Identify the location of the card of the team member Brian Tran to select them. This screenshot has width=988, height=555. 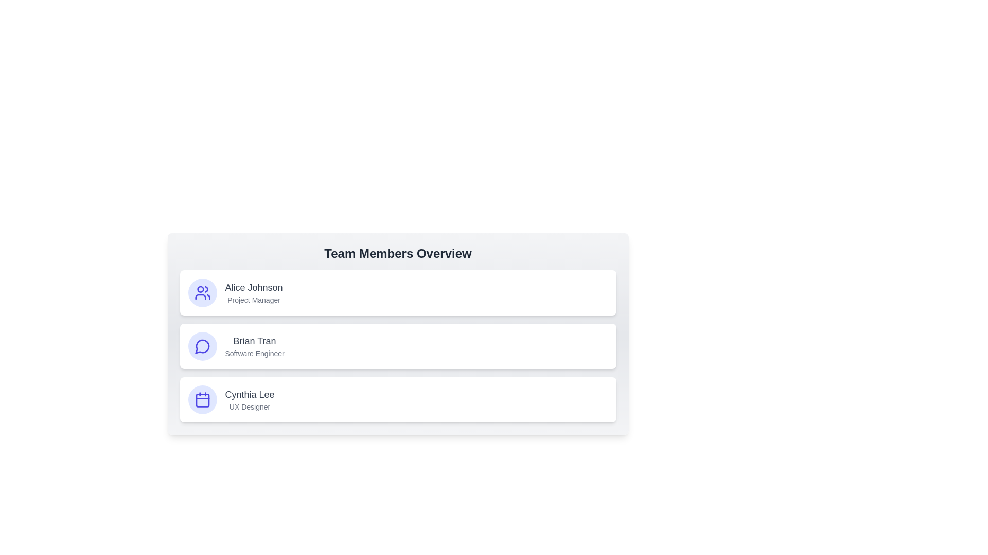
(397, 346).